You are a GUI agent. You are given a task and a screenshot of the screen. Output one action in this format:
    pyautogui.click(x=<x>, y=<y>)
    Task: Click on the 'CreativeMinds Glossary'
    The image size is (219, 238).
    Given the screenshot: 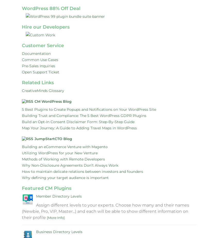 What is the action you would take?
    pyautogui.click(x=43, y=91)
    